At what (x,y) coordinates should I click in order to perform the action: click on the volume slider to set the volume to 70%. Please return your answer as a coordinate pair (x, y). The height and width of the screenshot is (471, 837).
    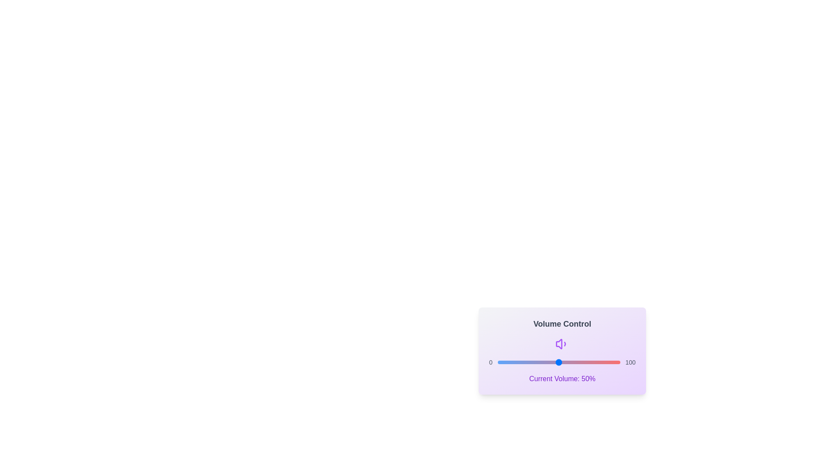
    Looking at the image, I should click on (583, 362).